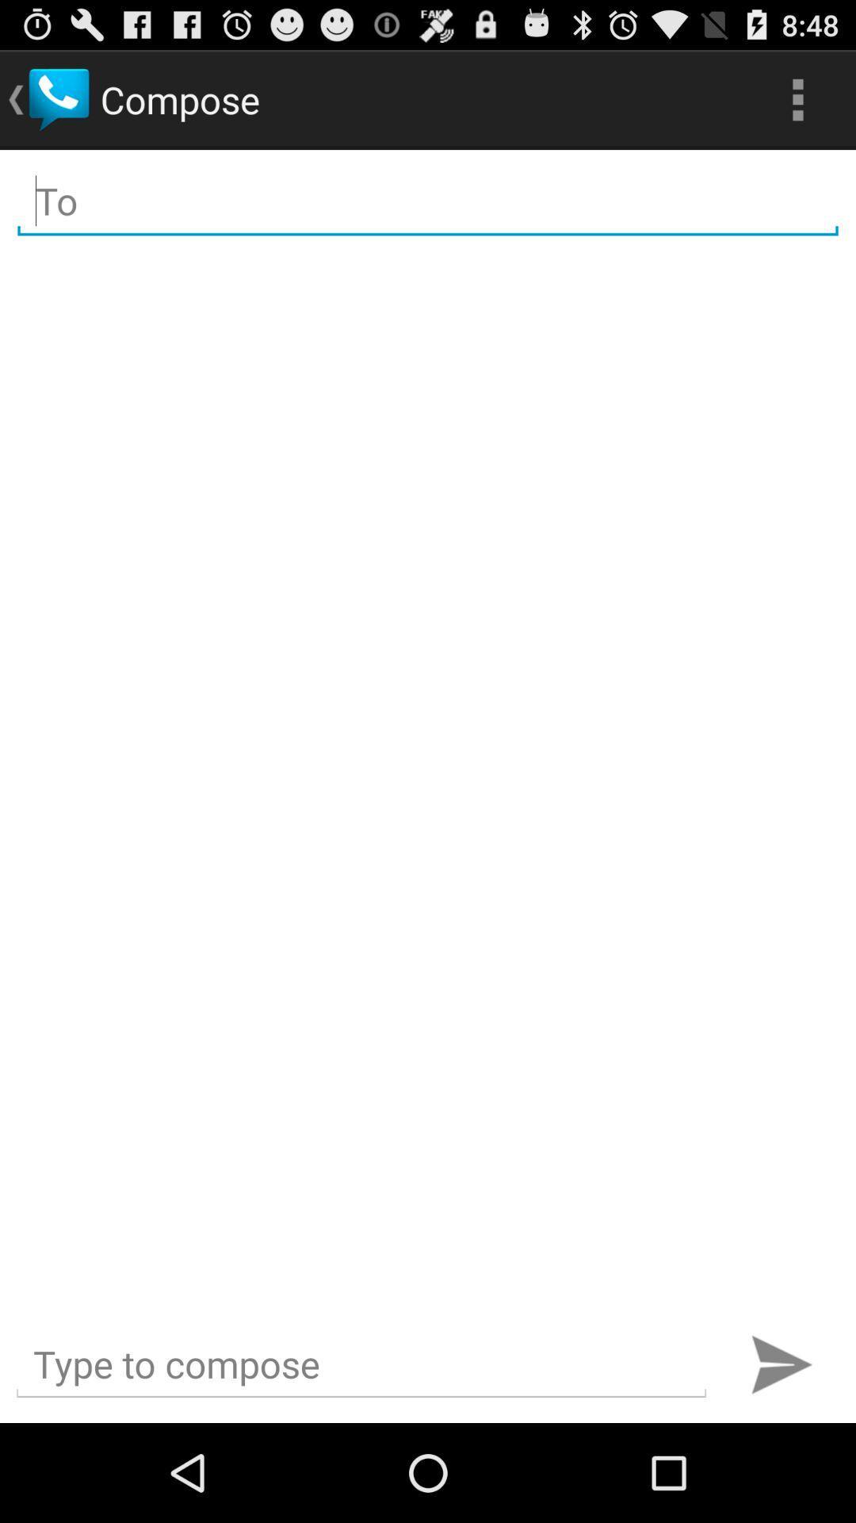 The width and height of the screenshot is (856, 1523). Describe the element at coordinates (361, 1364) in the screenshot. I see `text box` at that location.